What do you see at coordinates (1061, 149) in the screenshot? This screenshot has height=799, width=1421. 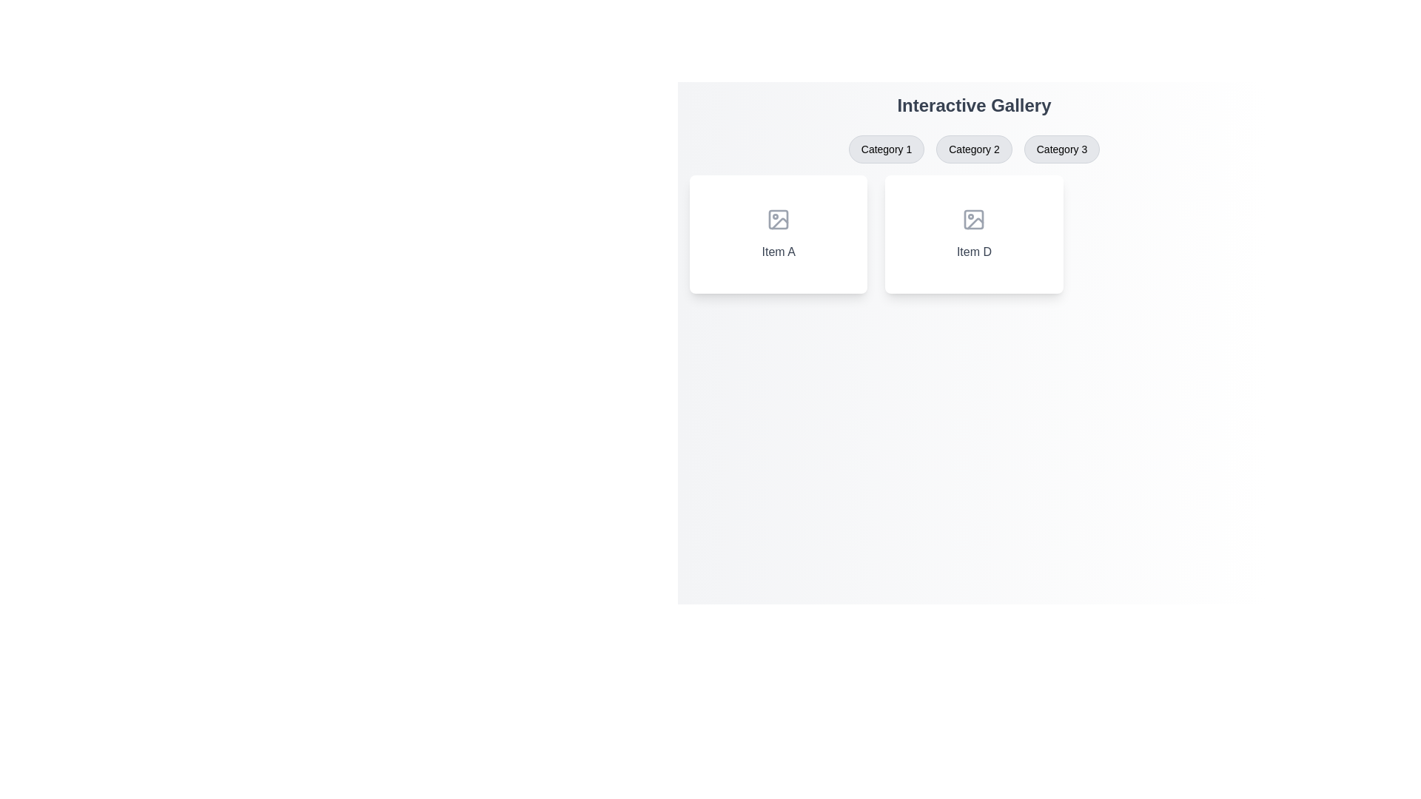 I see `the filter button for 'Category 3', which is the third button in a horizontal row of three buttons` at bounding box center [1061, 149].